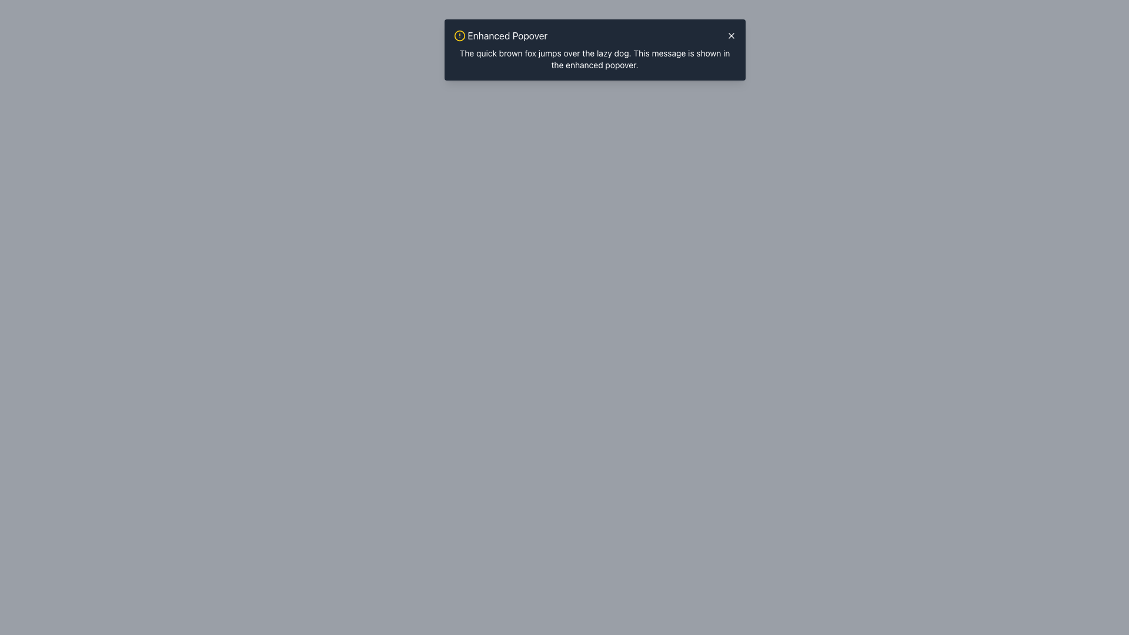  What do you see at coordinates (459, 35) in the screenshot?
I see `the Alert Indicator Icon located to the immediate left of the text 'Enhanced Popover' within the notification box` at bounding box center [459, 35].